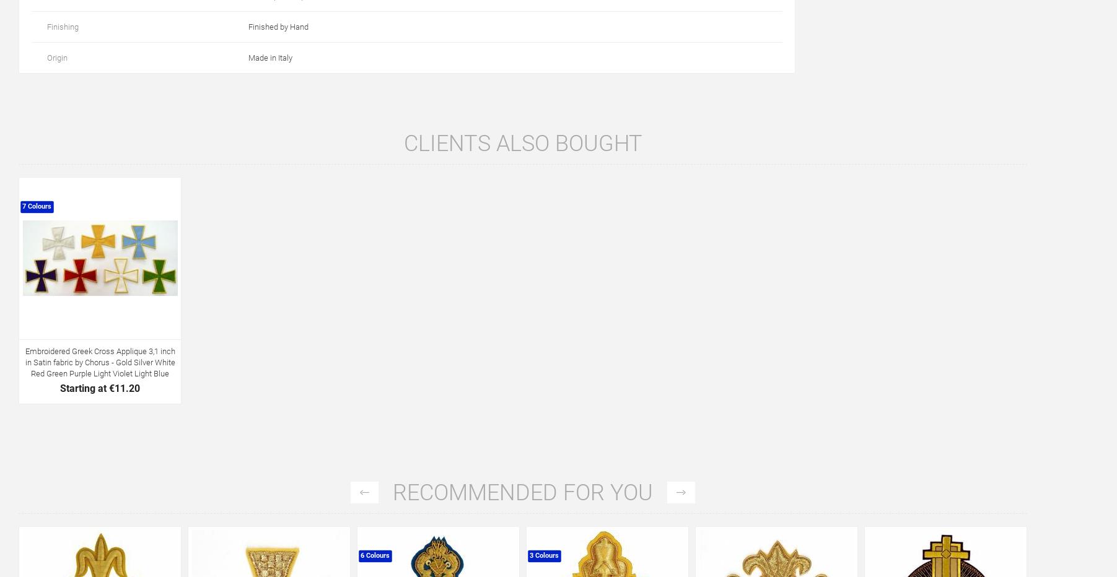 Image resolution: width=1117 pixels, height=577 pixels. What do you see at coordinates (100, 387) in the screenshot?
I see `'Starting at €11.20'` at bounding box center [100, 387].